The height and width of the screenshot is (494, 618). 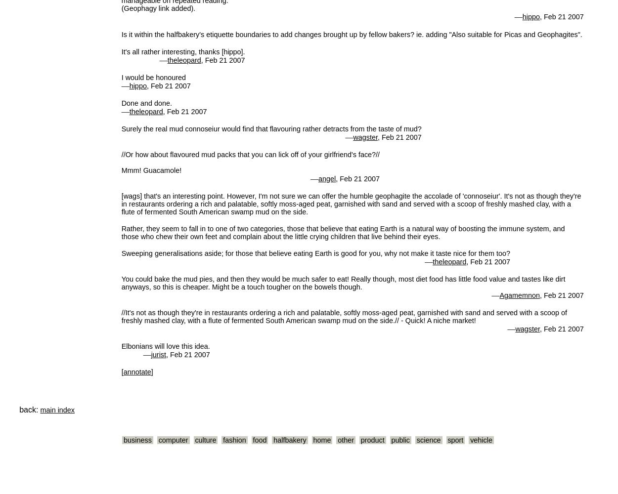 What do you see at coordinates (271, 128) in the screenshot?
I see `'Surely the real mud connoseiur would find that flavouring rather detracts from the taste of mud?'` at bounding box center [271, 128].